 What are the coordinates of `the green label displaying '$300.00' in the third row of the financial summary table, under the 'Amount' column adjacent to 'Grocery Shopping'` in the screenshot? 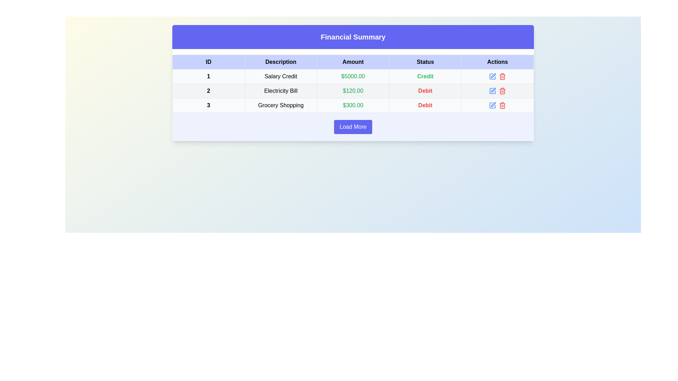 It's located at (353, 105).